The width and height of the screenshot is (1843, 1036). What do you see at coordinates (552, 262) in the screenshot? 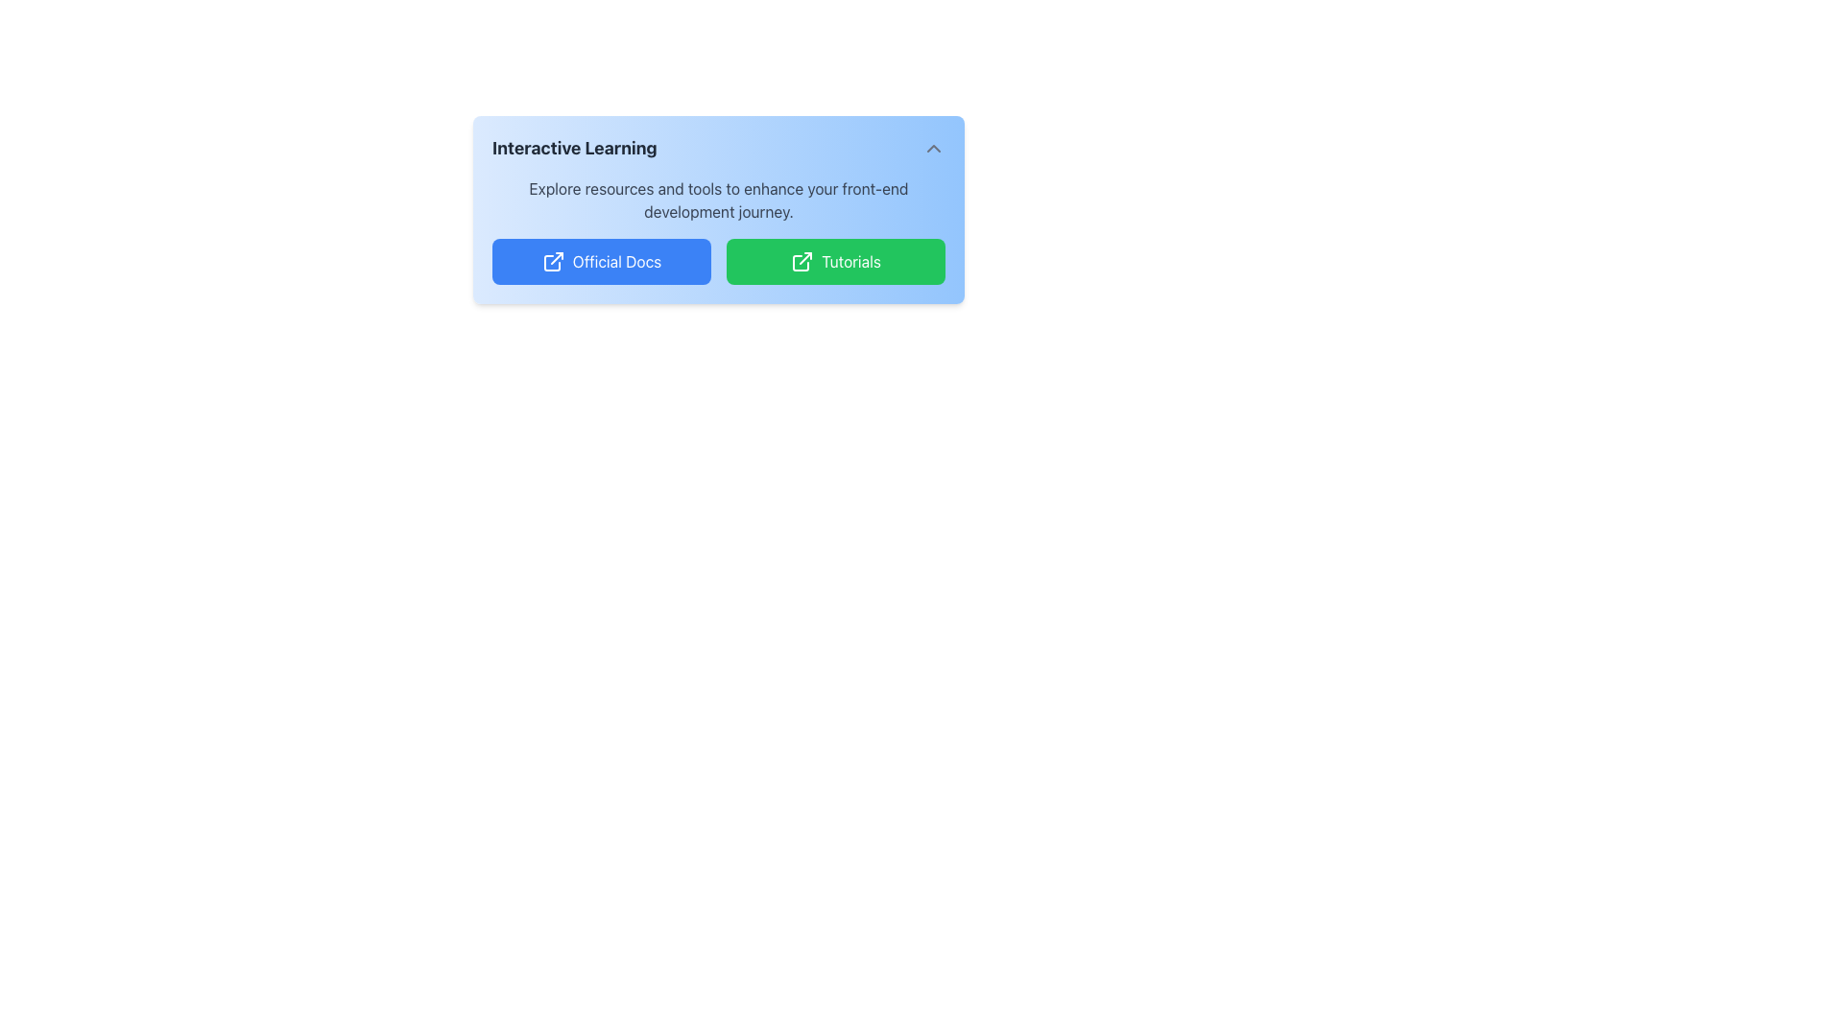
I see `the graphical icon located to the left of the text on the 'Official Docs' button for visual feedback` at bounding box center [552, 262].